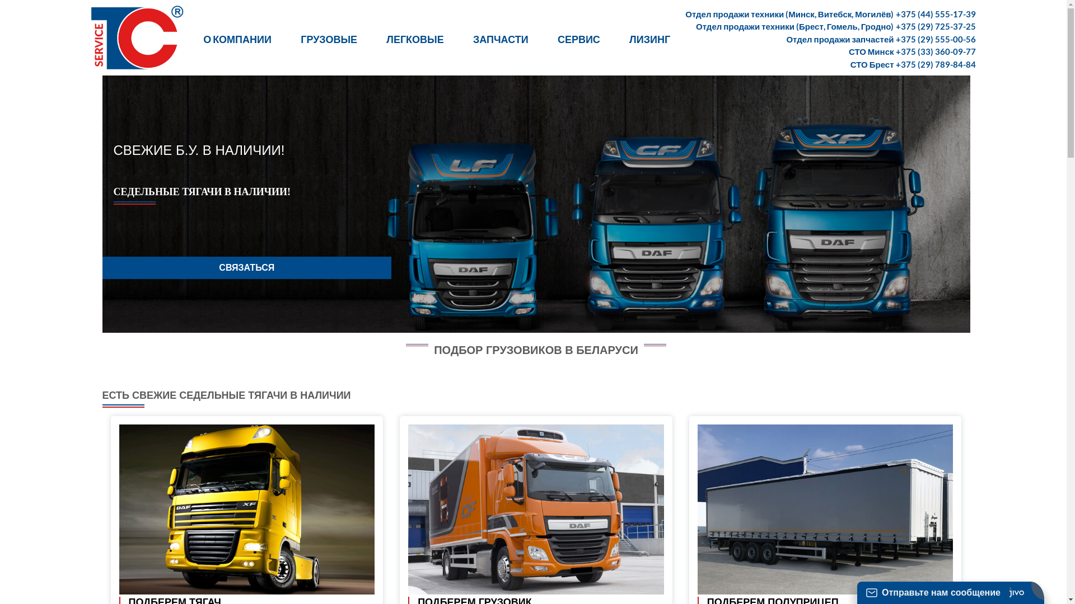  I want to click on '+375 (44) 555-17-39', so click(936, 13).